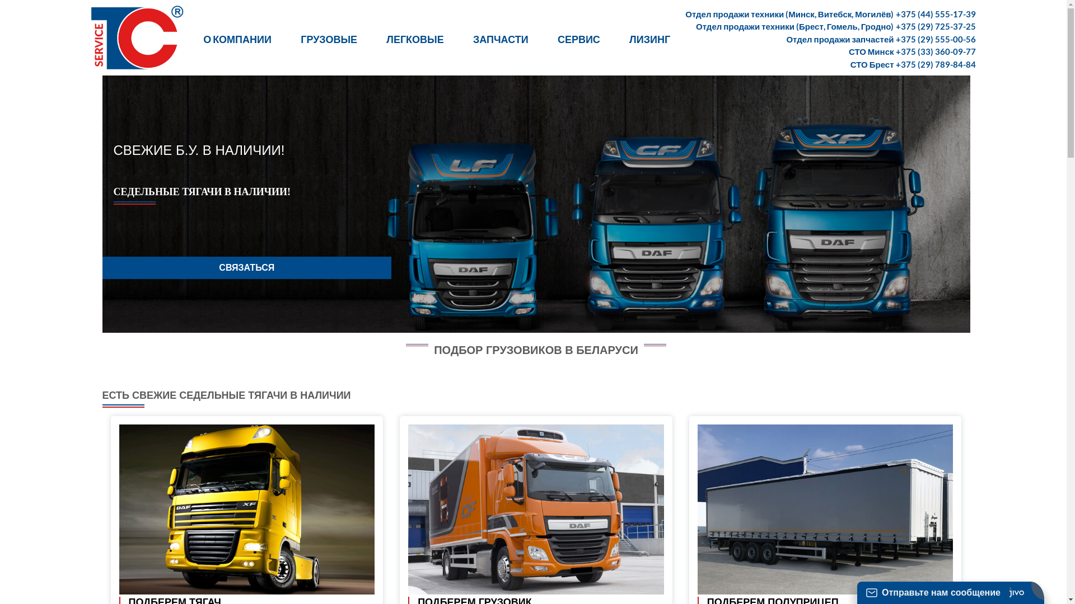  I want to click on '+375 (44) 555-17-39', so click(936, 13).